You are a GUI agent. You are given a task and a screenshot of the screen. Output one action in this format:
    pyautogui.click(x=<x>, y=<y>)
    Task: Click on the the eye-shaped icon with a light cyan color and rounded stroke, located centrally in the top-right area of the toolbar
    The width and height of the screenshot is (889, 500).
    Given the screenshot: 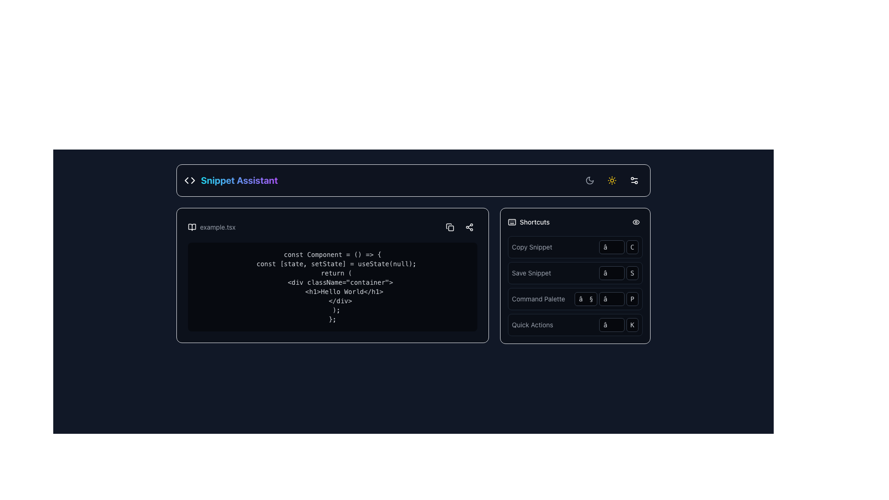 What is the action you would take?
    pyautogui.click(x=635, y=222)
    